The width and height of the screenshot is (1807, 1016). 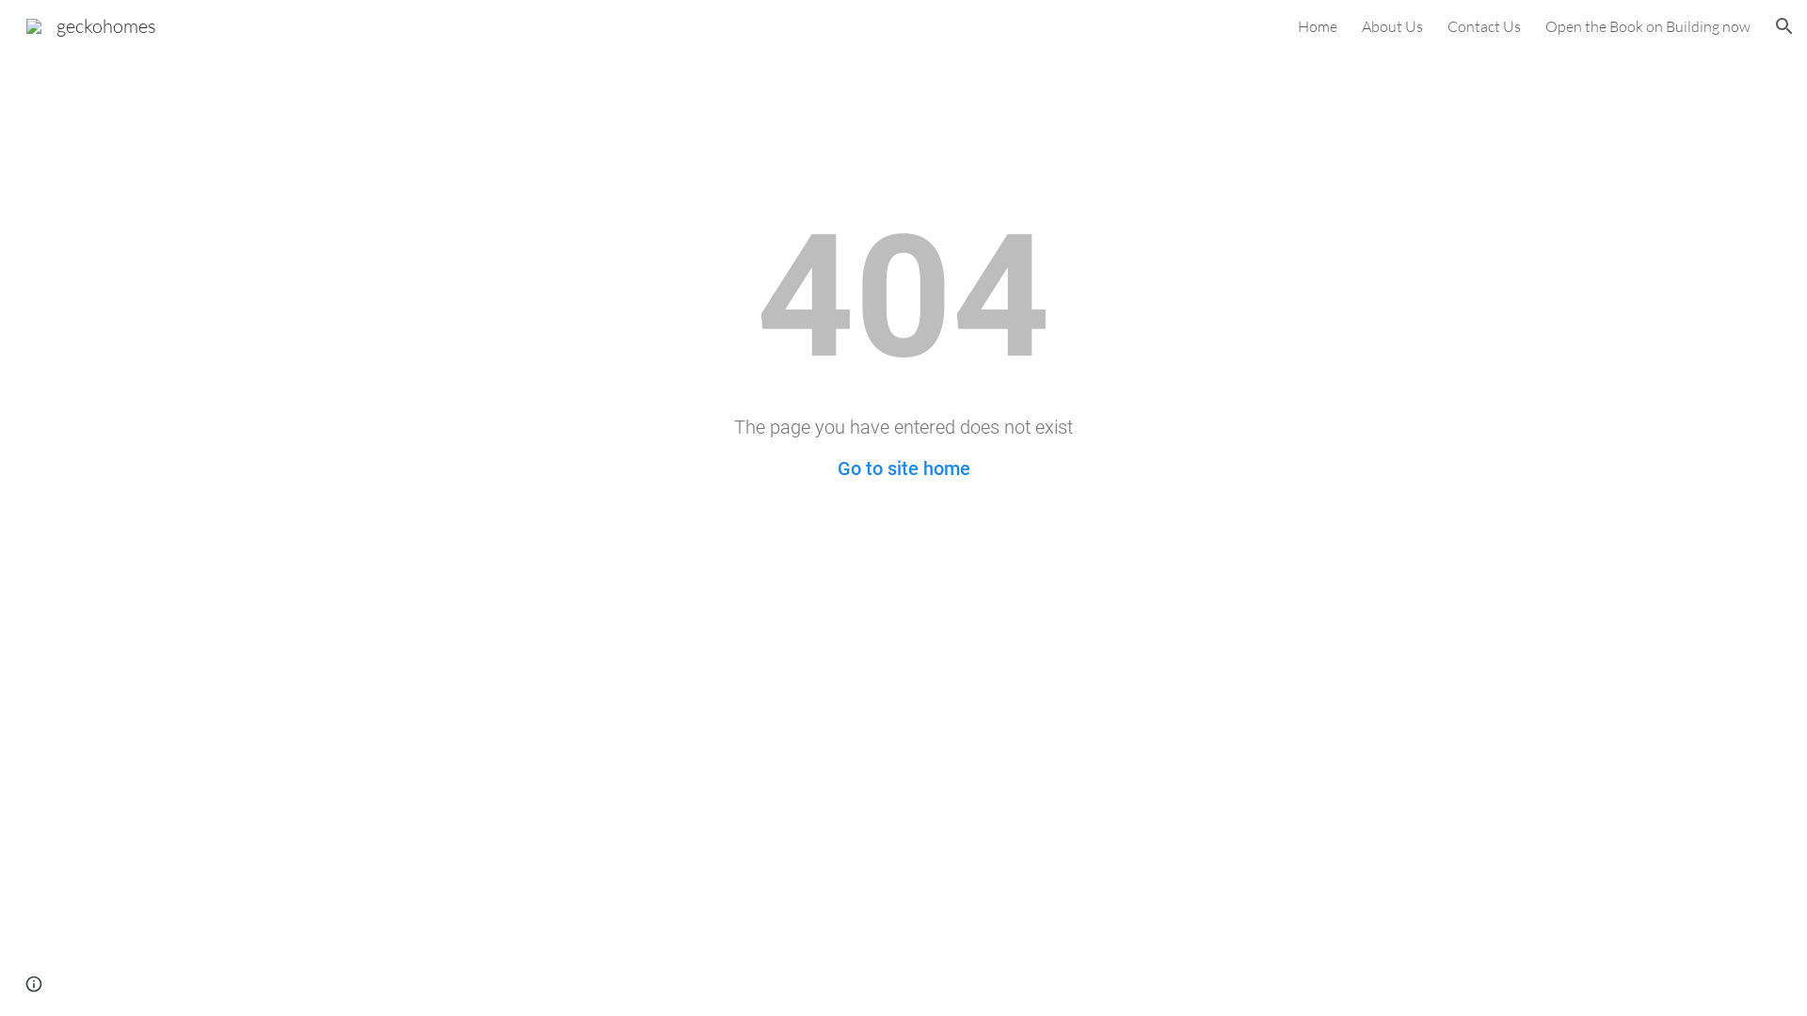 I want to click on 'Contact Us', so click(x=1483, y=25).